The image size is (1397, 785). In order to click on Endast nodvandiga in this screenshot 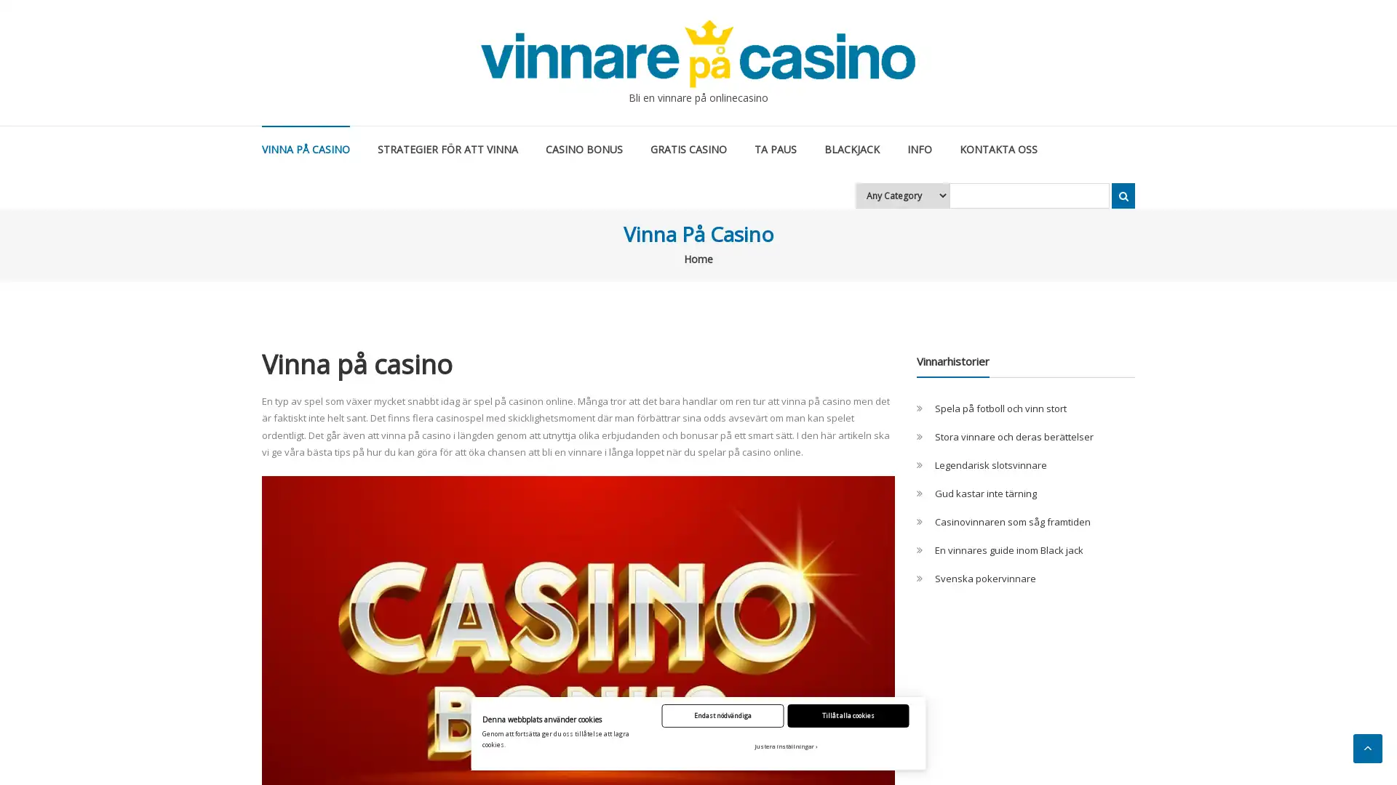, I will do `click(723, 714)`.